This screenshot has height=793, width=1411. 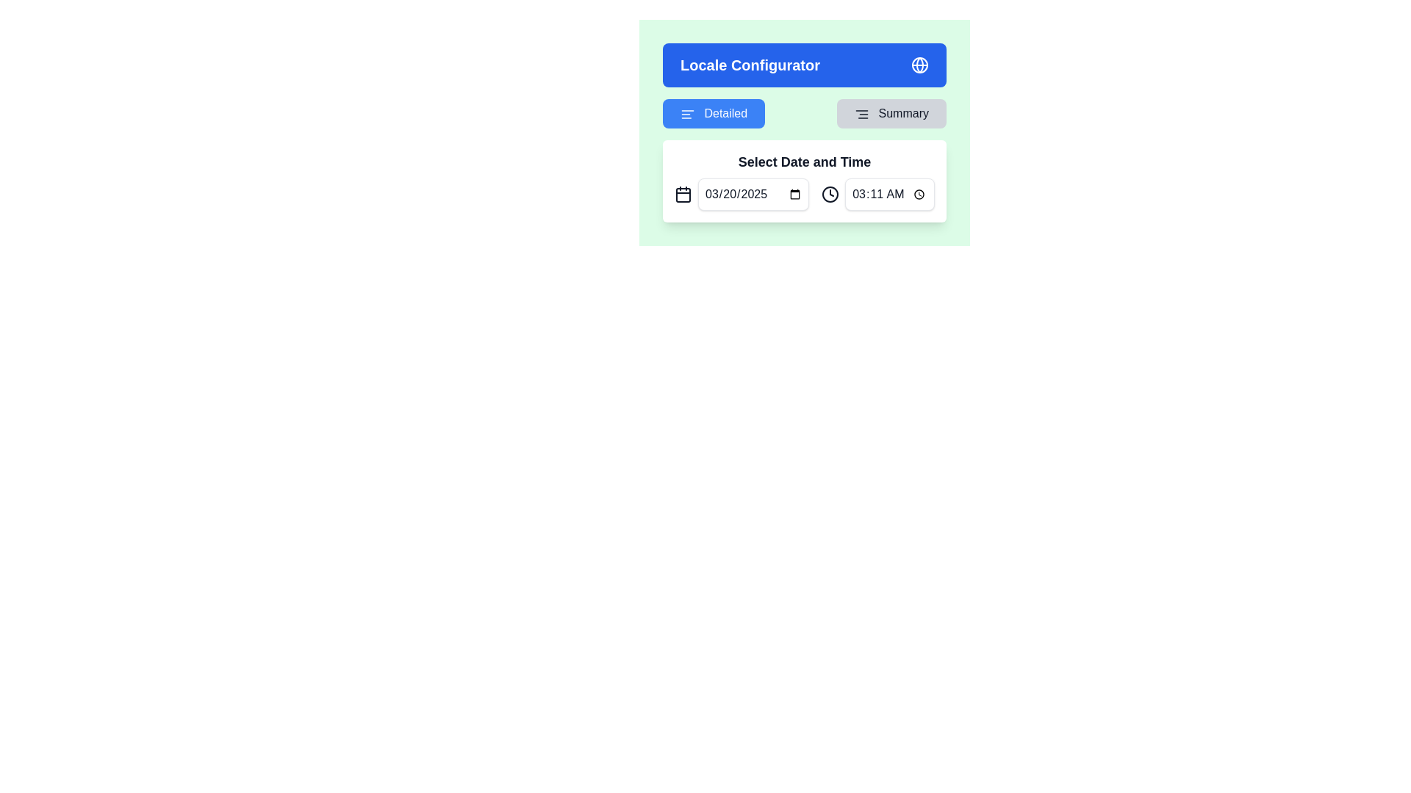 What do you see at coordinates (753, 194) in the screenshot?
I see `the date input field located to the right of the calendar icon within the 'Select Date and Time' form` at bounding box center [753, 194].